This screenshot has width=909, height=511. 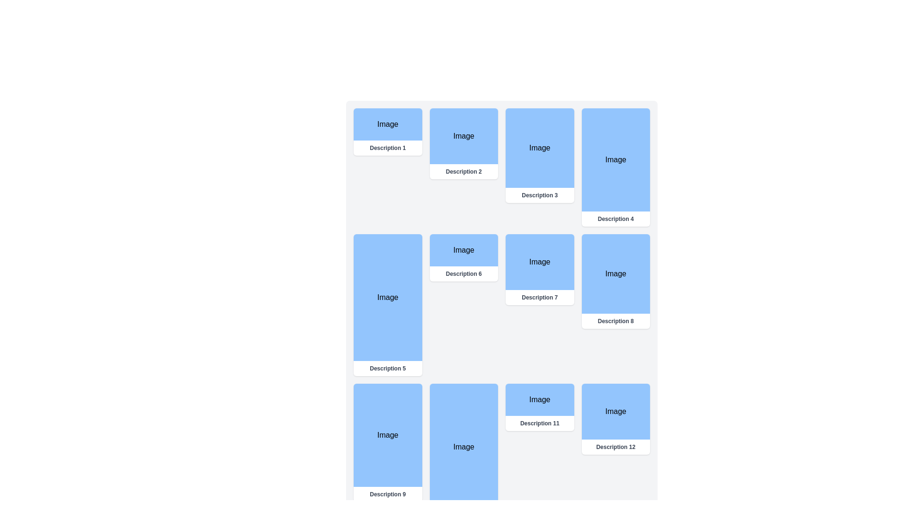 What do you see at coordinates (615, 167) in the screenshot?
I see `the card in the first row and fourth column of the grid` at bounding box center [615, 167].